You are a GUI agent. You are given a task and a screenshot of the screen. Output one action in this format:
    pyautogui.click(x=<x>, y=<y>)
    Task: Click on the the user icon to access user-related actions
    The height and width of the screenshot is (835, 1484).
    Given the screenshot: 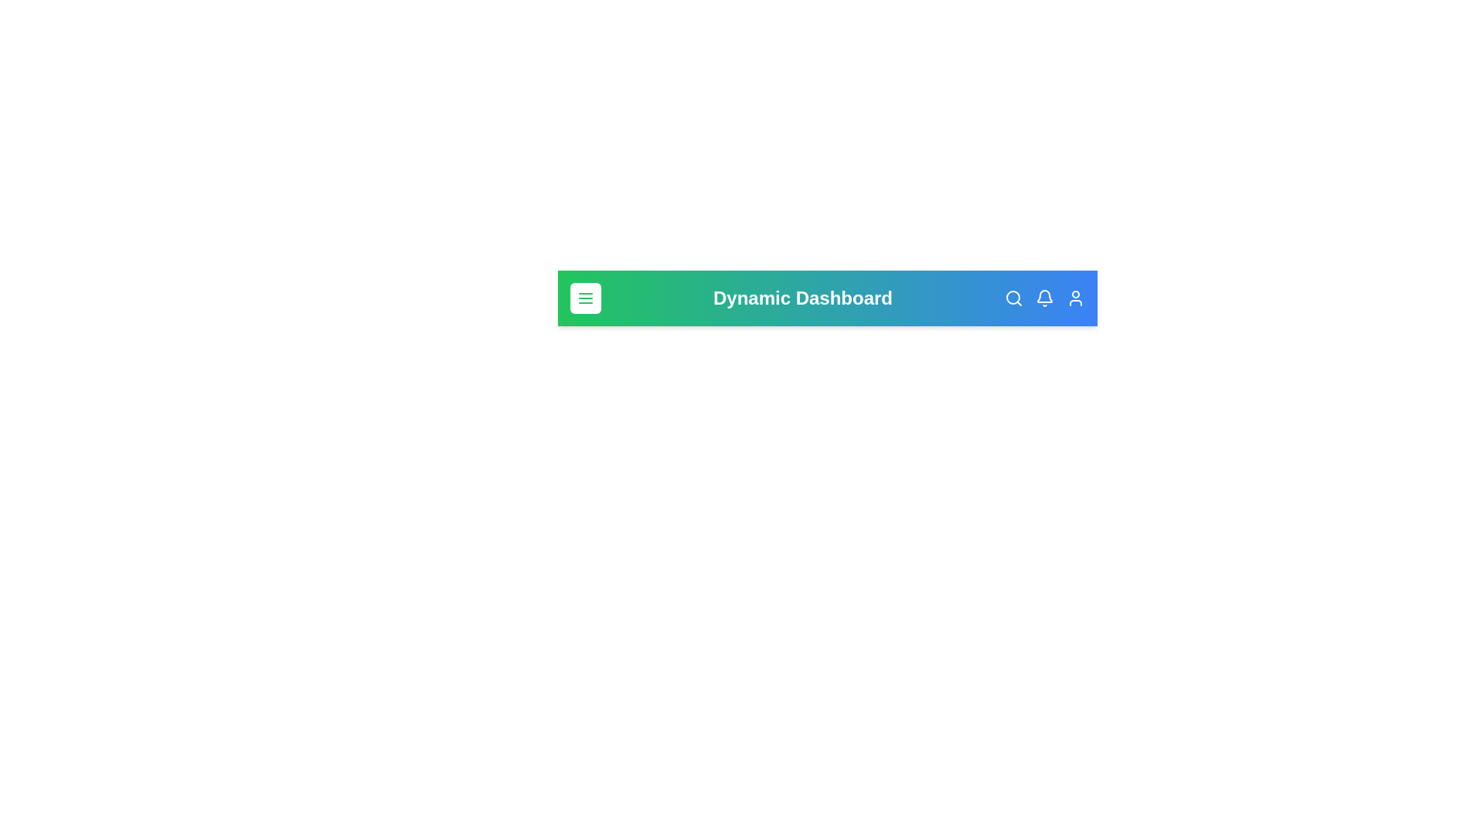 What is the action you would take?
    pyautogui.click(x=1075, y=298)
    